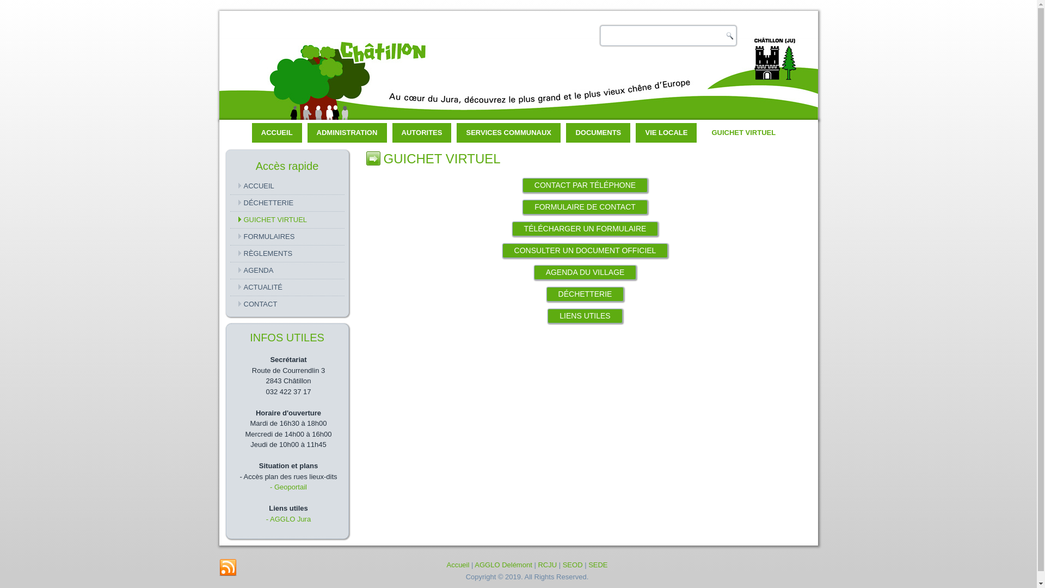  Describe the element at coordinates (421, 132) in the screenshot. I see `'AUTORITES'` at that location.